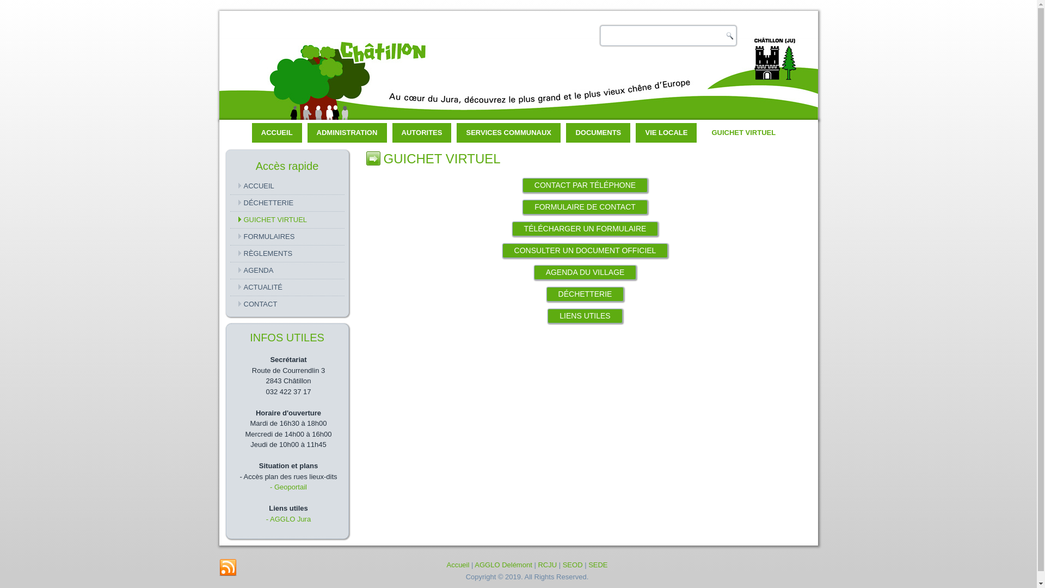  Describe the element at coordinates (421, 132) in the screenshot. I see `'AUTORITES'` at that location.